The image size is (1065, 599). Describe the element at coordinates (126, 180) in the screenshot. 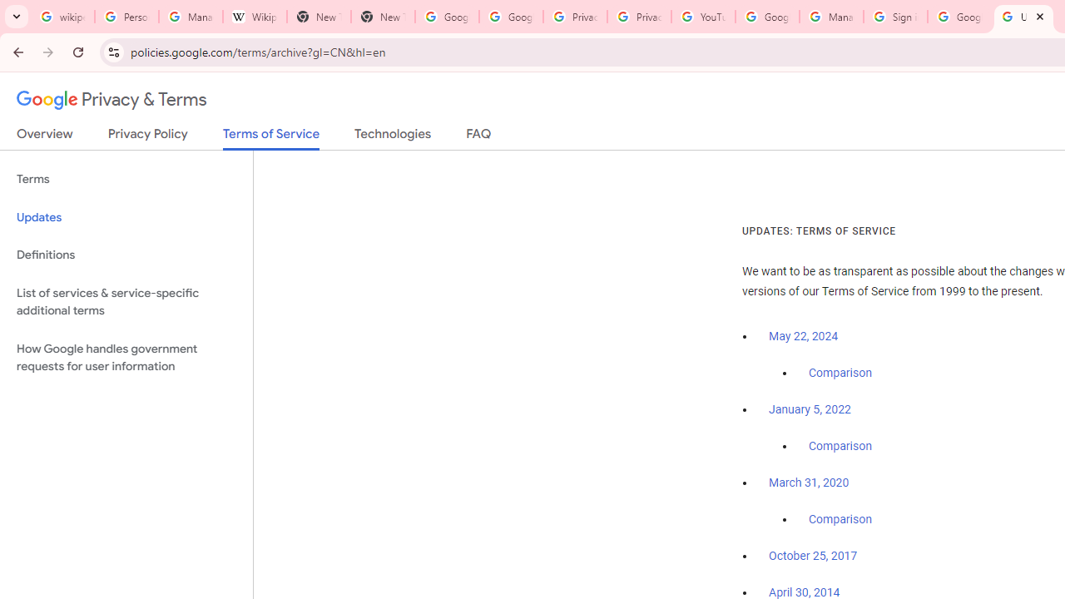

I see `'Terms'` at that location.